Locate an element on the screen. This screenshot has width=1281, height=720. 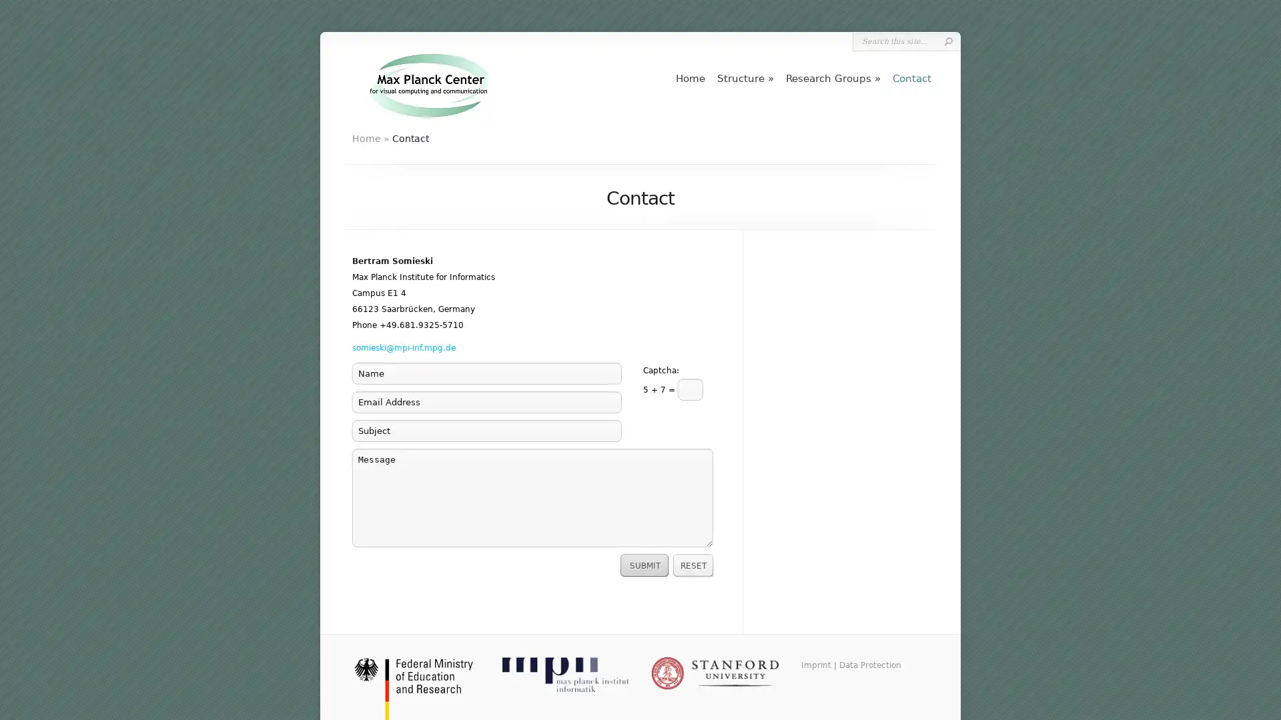
Reset is located at coordinates (693, 565).